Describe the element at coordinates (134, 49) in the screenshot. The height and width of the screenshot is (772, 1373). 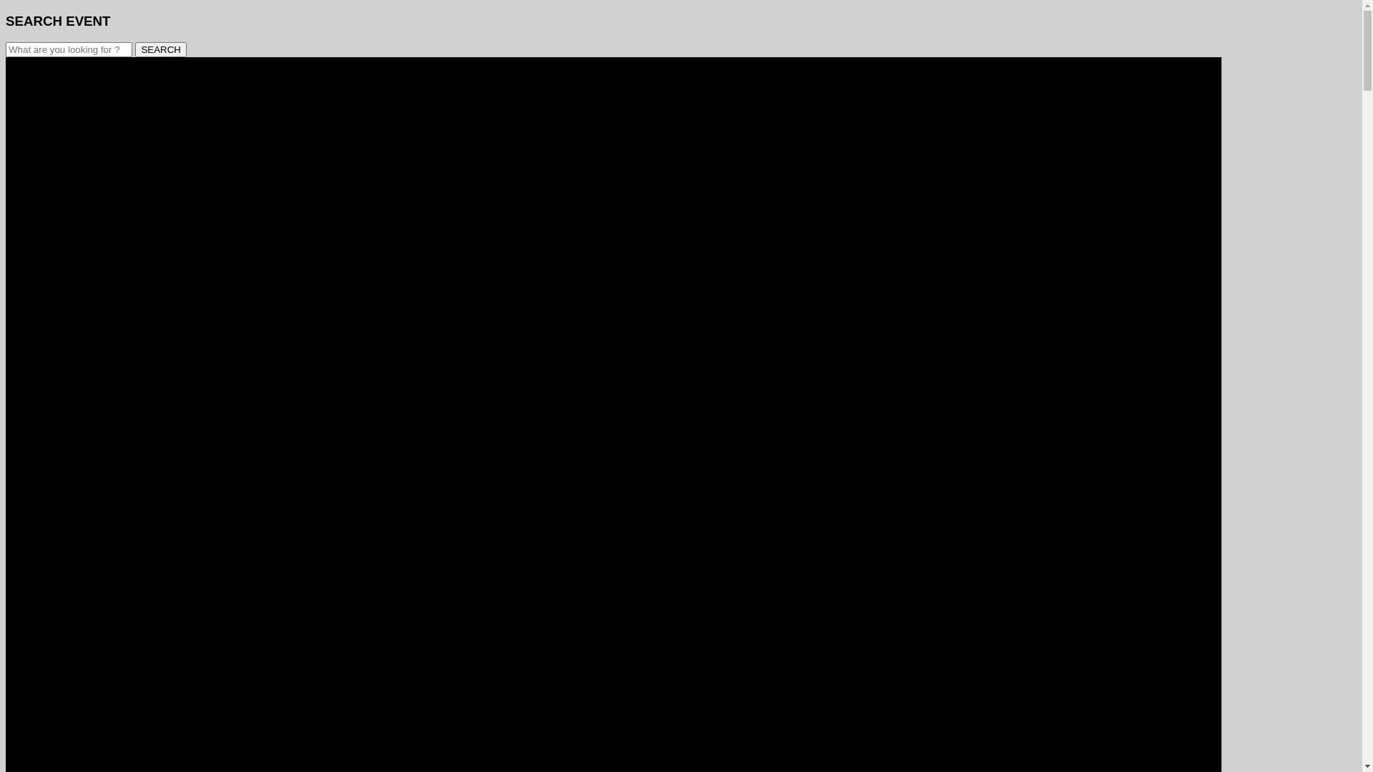
I see `'SEARCH'` at that location.